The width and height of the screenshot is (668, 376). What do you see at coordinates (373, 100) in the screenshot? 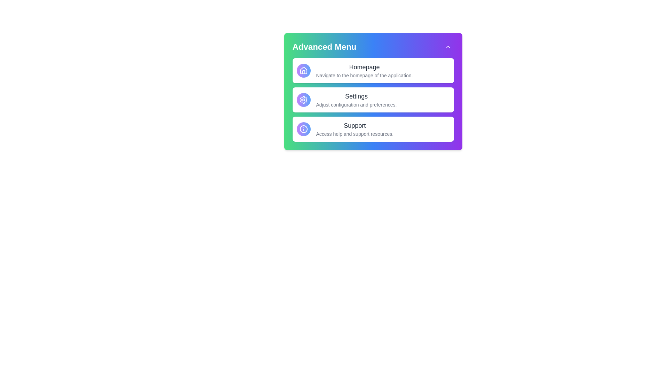
I see `the menu item titled 'Settings' to reveal its tooltip or additional information` at bounding box center [373, 100].